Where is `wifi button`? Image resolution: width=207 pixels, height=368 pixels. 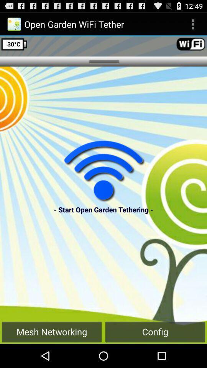
wifi button is located at coordinates (103, 171).